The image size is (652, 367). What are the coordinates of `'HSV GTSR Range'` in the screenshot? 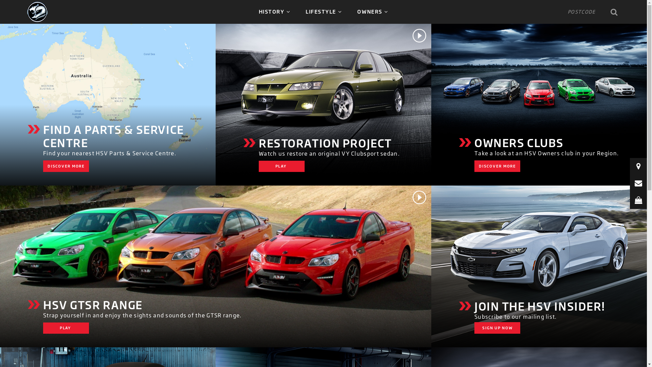 It's located at (215, 266).